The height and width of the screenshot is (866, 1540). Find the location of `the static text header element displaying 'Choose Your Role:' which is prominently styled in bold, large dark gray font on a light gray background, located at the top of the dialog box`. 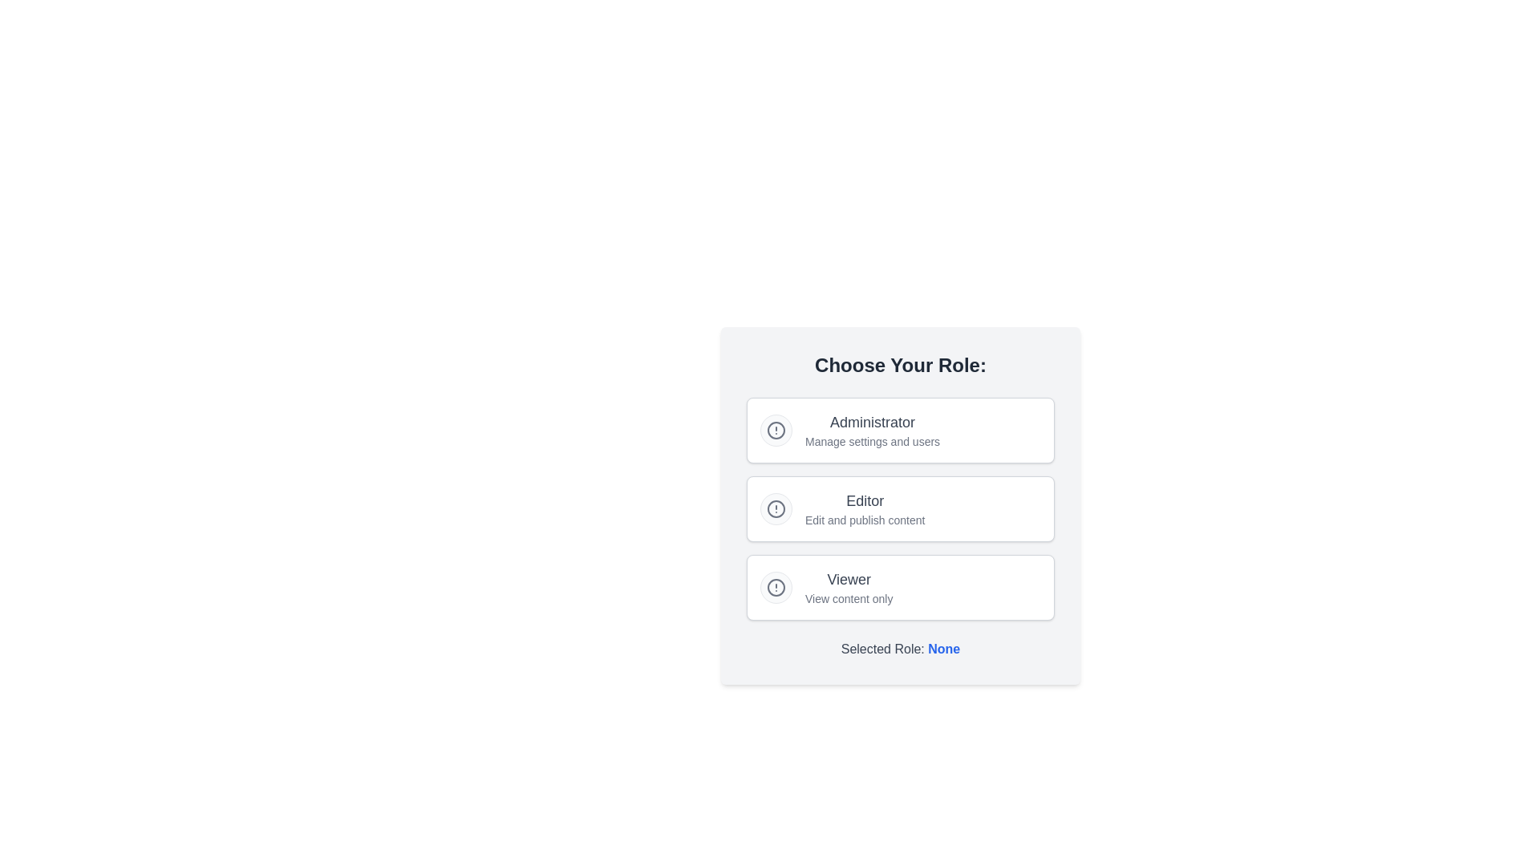

the static text header element displaying 'Choose Your Role:' which is prominently styled in bold, large dark gray font on a light gray background, located at the top of the dialog box is located at coordinates (901, 365).